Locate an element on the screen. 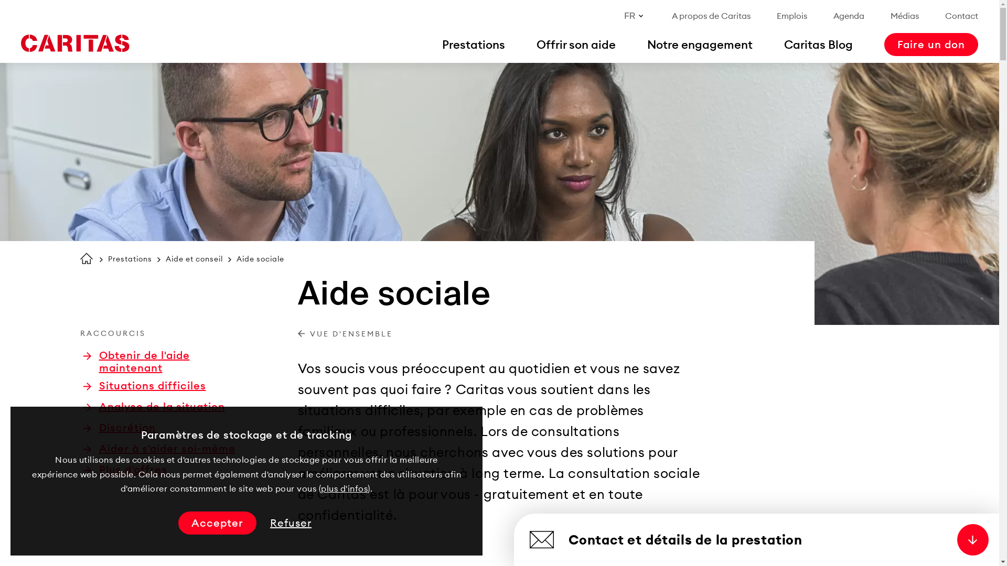 Image resolution: width=1007 pixels, height=566 pixels. 'VUE D'ENSEMBLE' is located at coordinates (345, 334).